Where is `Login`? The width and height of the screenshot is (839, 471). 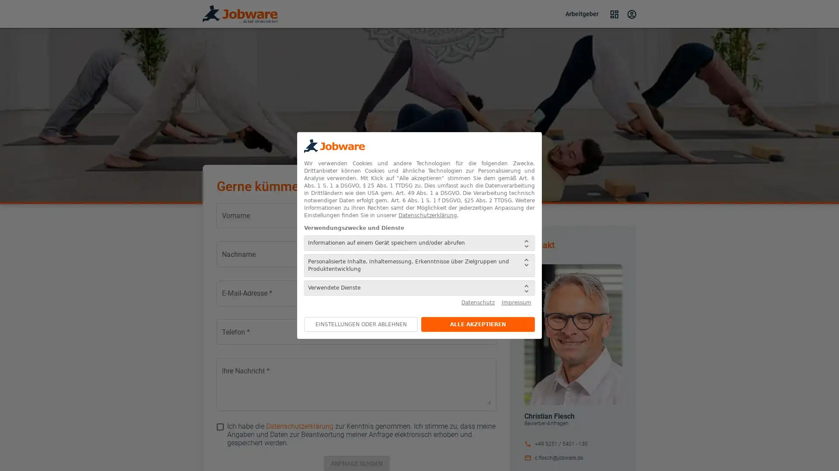
Login is located at coordinates (631, 14).